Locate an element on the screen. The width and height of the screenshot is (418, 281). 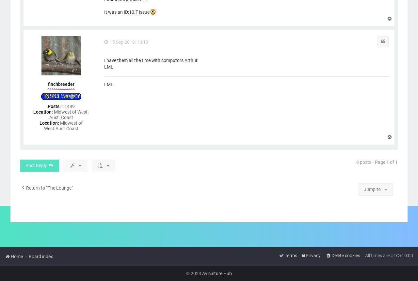
'Jump to' is located at coordinates (363, 189).